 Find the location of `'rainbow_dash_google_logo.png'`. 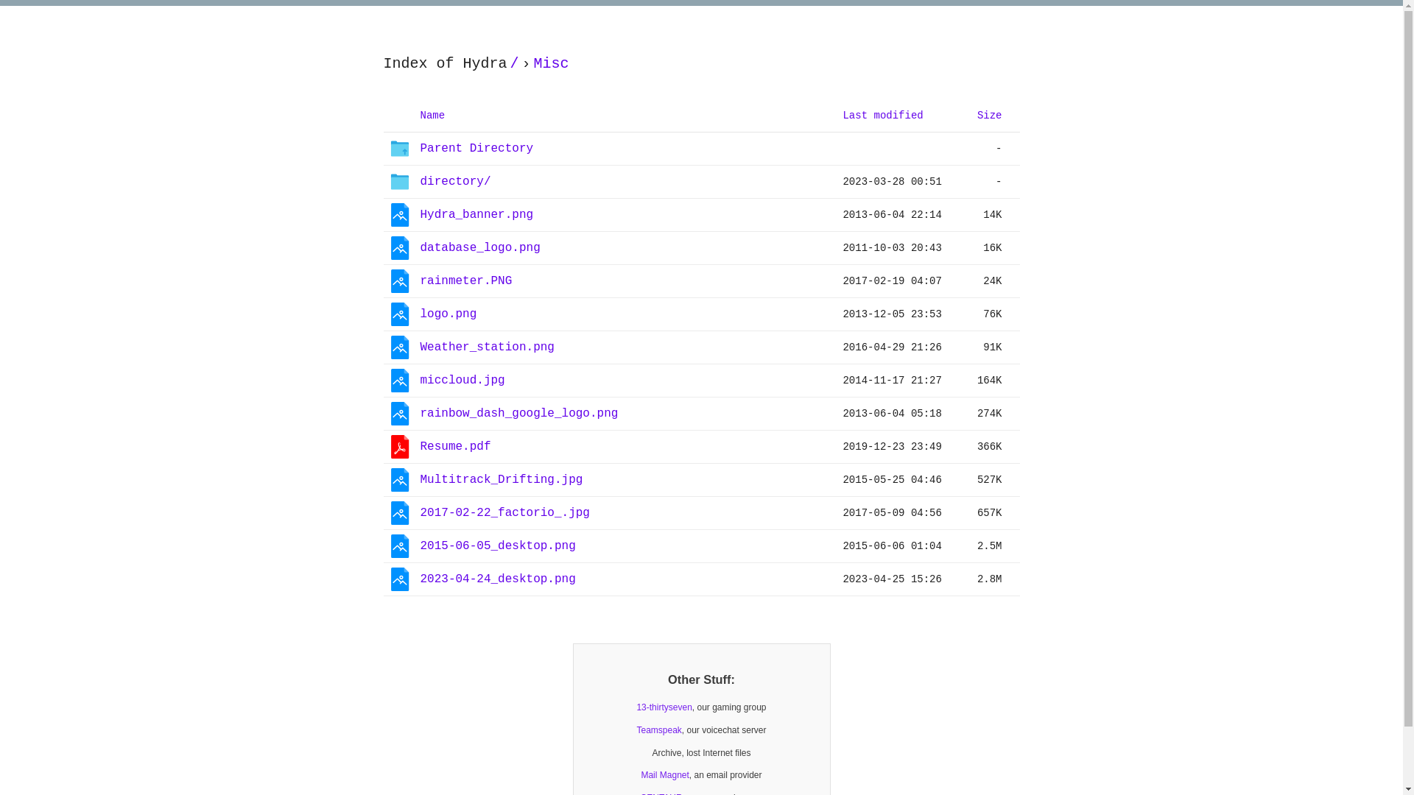

'rainbow_dash_google_logo.png' is located at coordinates (419, 413).